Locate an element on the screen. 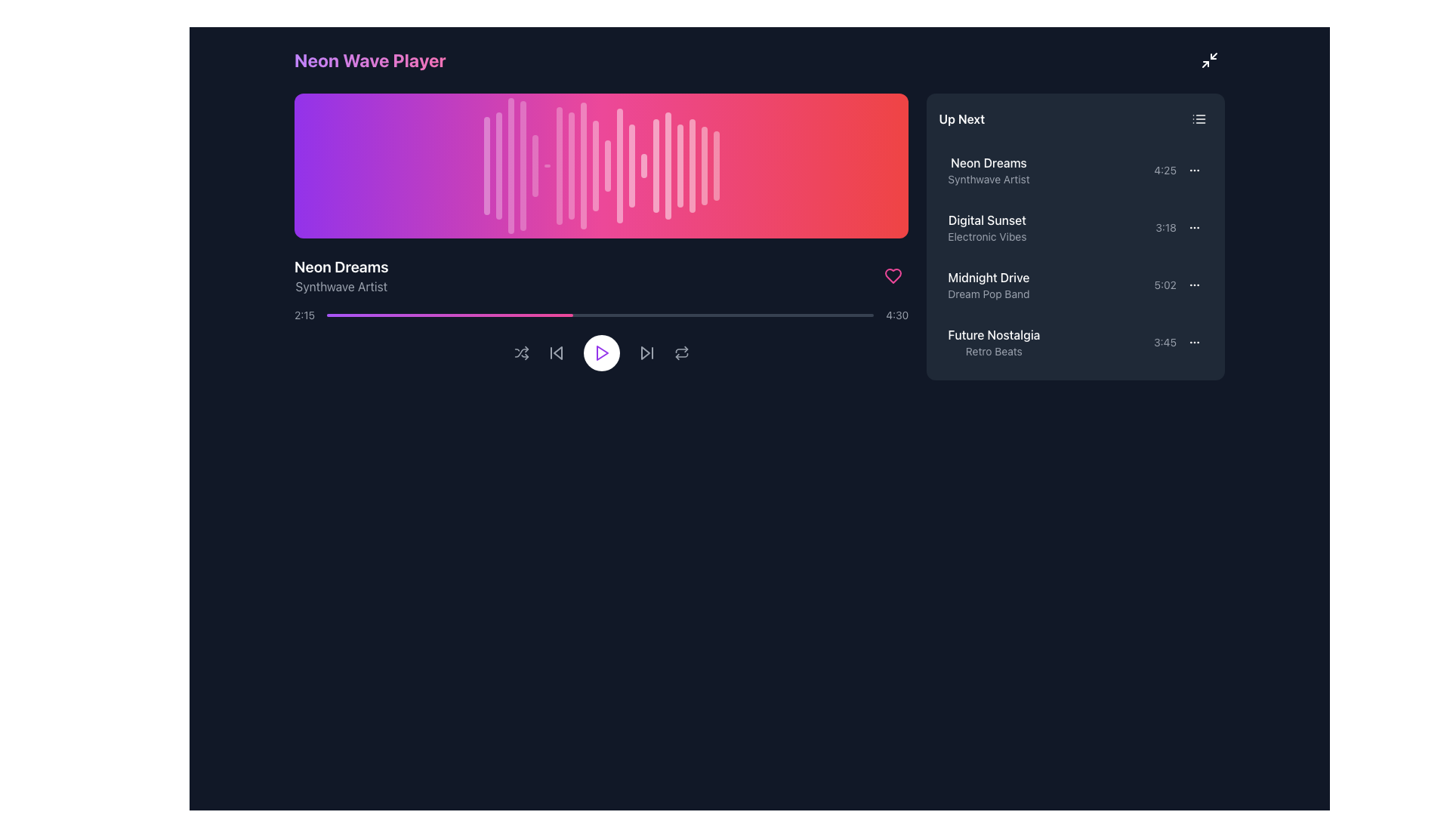  the text display that shows the title of the current track and its artist's name, located in the lower-left part of the interface, just below the waveform display is located at coordinates (341, 276).